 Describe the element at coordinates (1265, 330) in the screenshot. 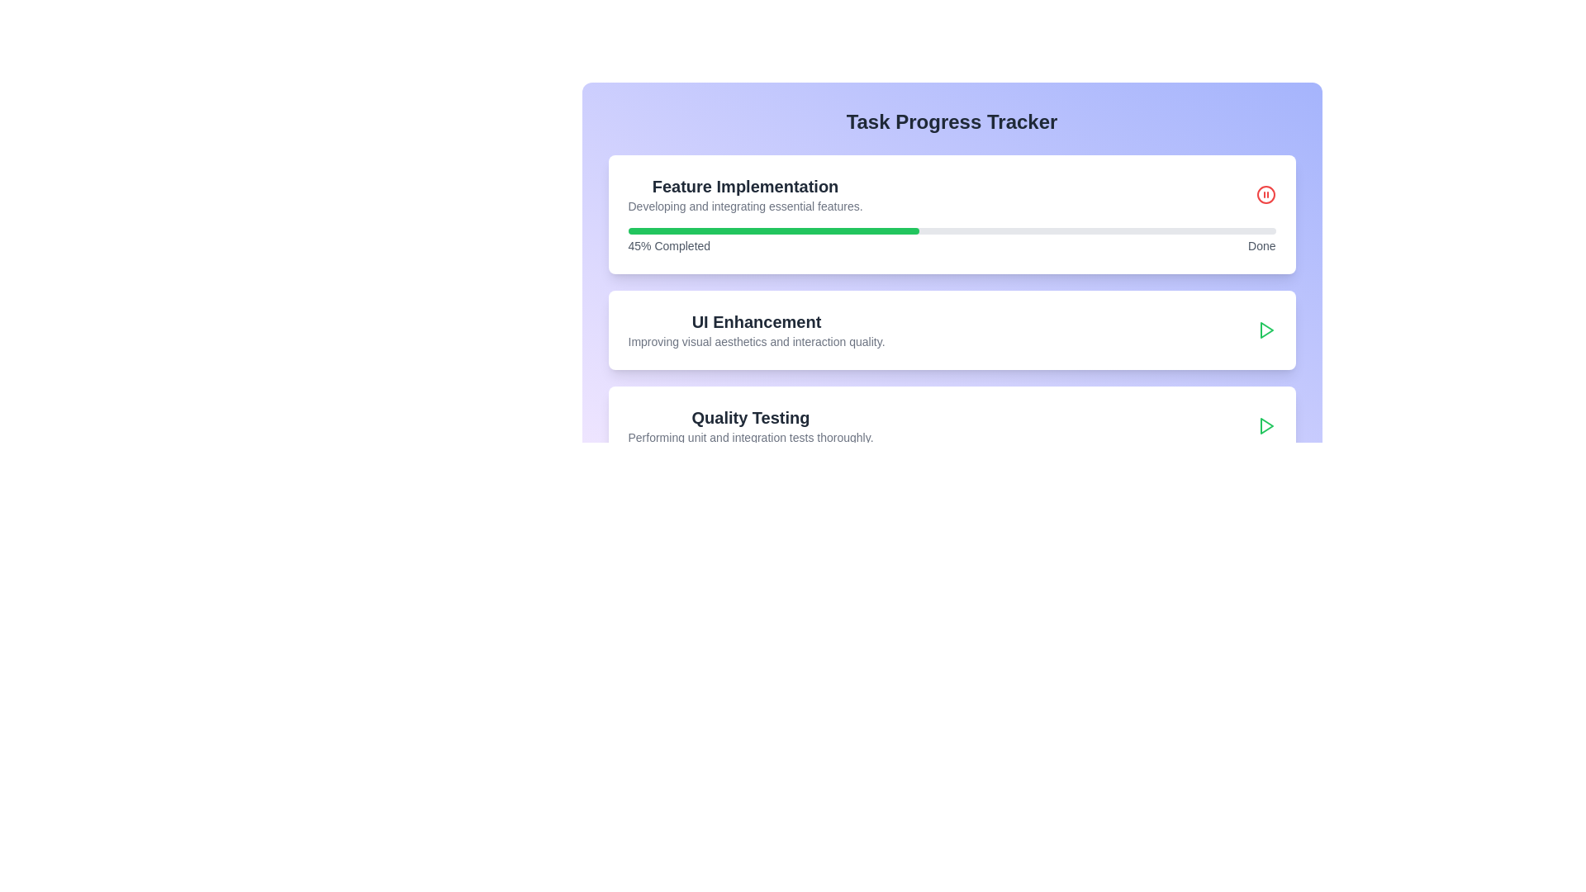

I see `the 'play' icon button located on the right side of the 'Quality Testing' task row to initiate the action` at that location.